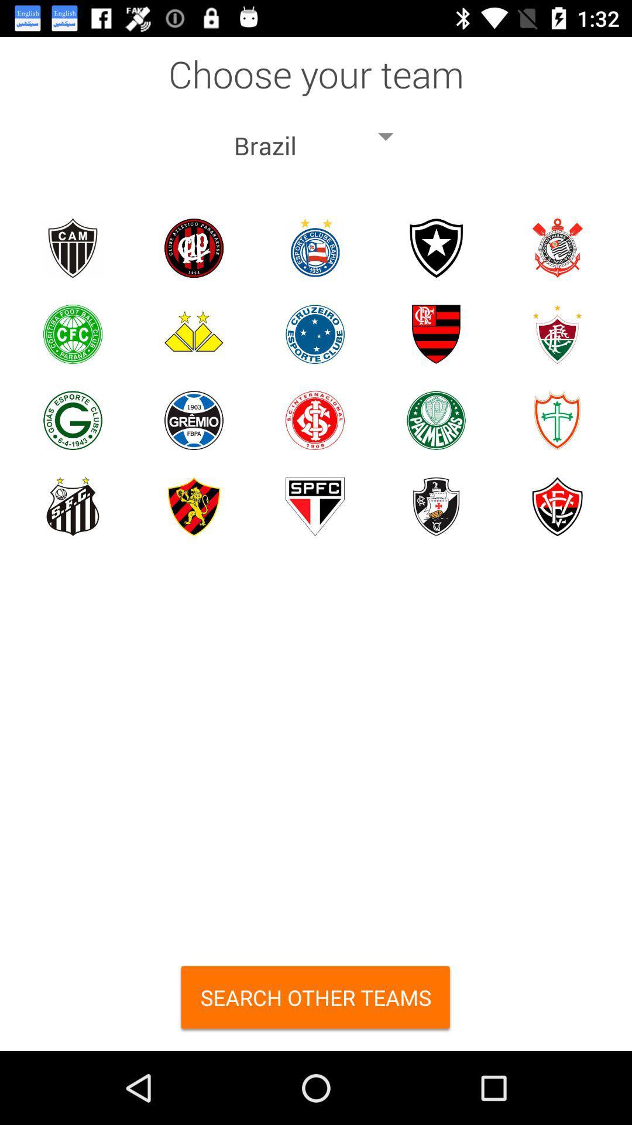 This screenshot has height=1125, width=632. What do you see at coordinates (314, 247) in the screenshot?
I see `esporte clube bahia` at bounding box center [314, 247].